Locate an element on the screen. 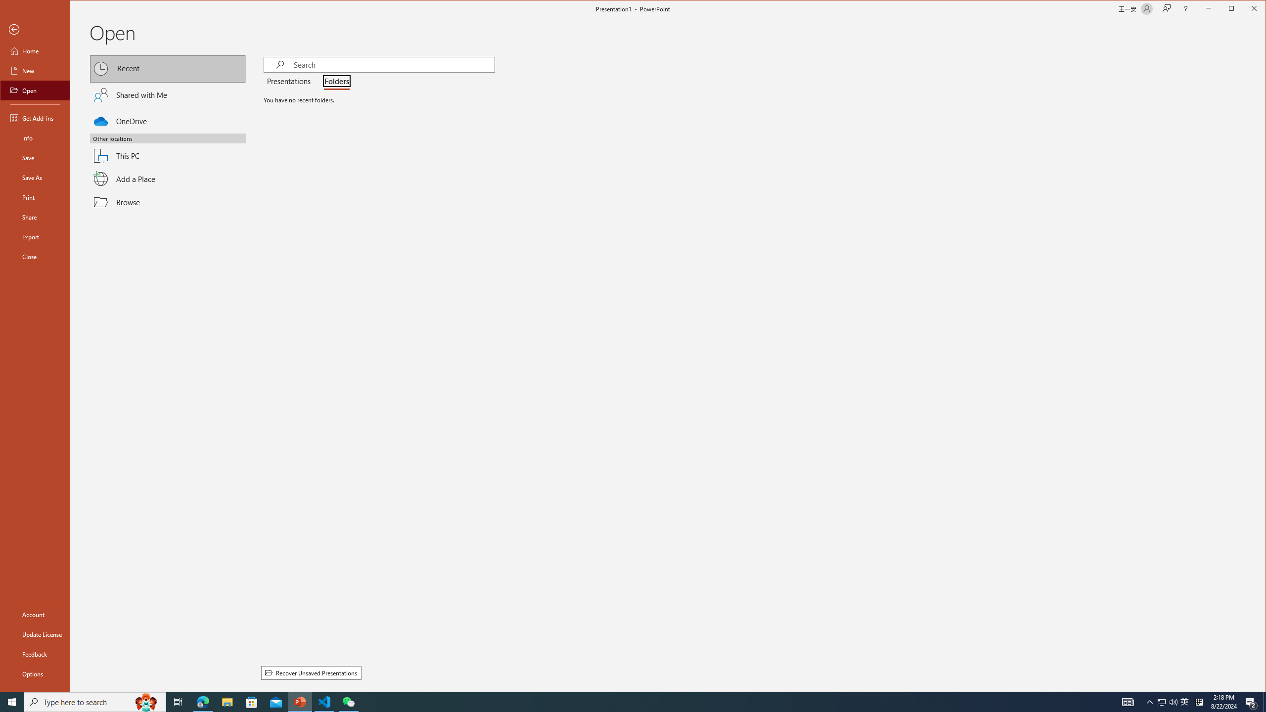 This screenshot has width=1266, height=712. 'Get Add-ins' is located at coordinates (34, 118).